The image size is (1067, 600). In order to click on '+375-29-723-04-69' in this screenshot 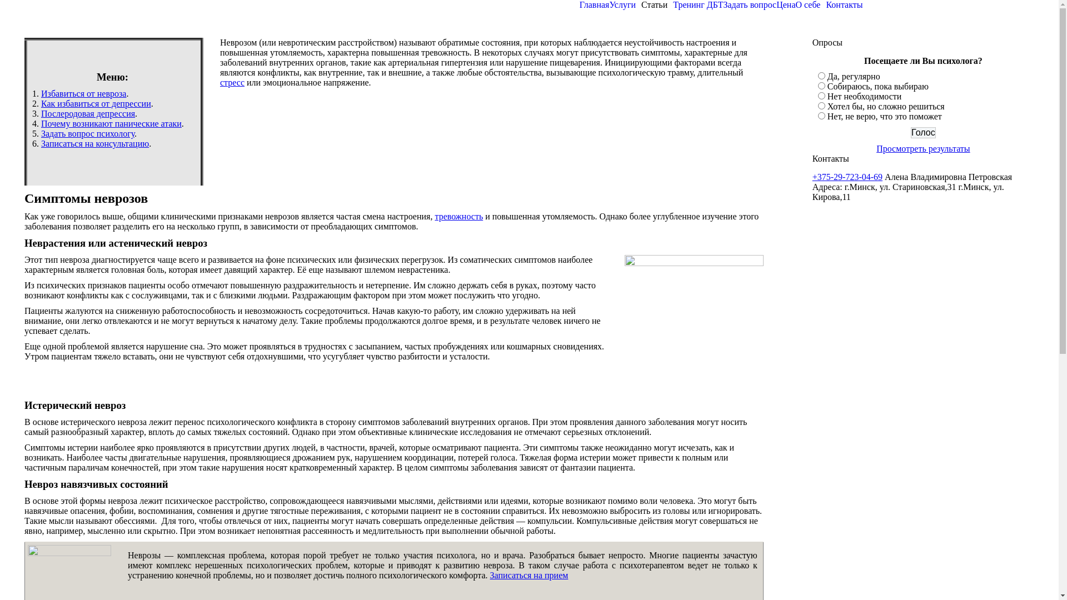, I will do `click(847, 176)`.